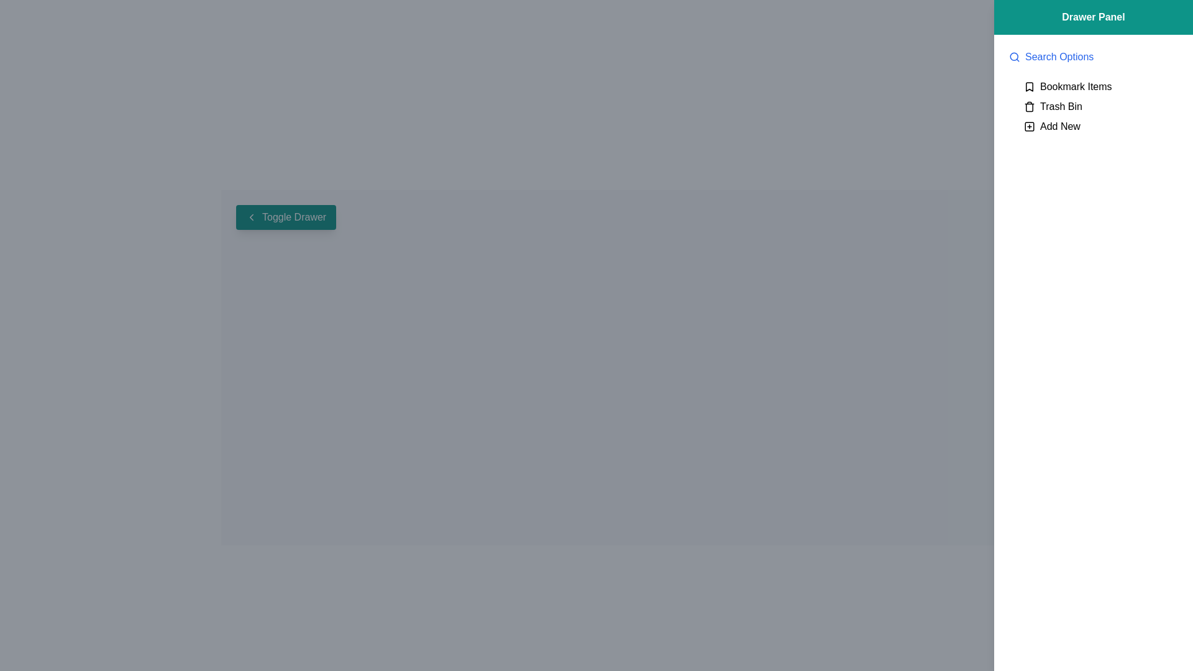 The height and width of the screenshot is (671, 1193). What do you see at coordinates (1075, 86) in the screenshot?
I see `the 'Bookmark Items' text label located in the top-right drawer panel, which is the first item in the list and associated with a bookmark icon to its left` at bounding box center [1075, 86].